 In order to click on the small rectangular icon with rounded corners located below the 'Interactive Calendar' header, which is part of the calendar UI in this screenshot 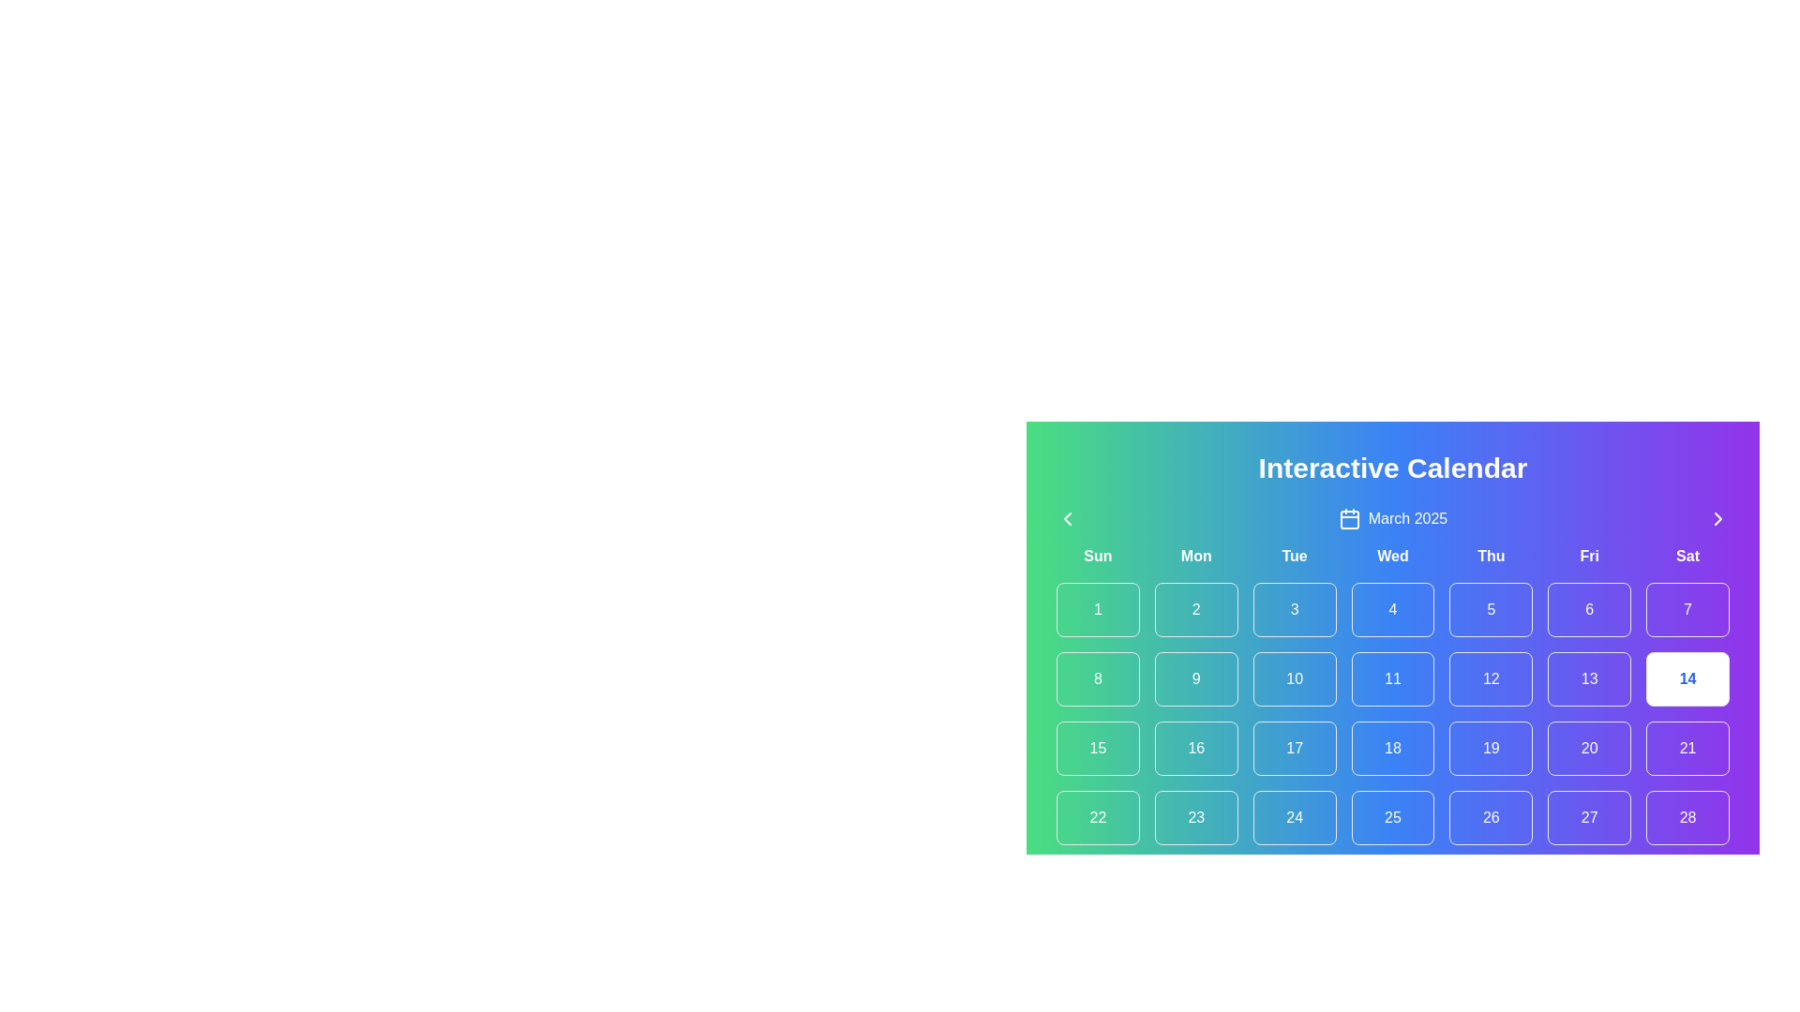, I will do `click(1348, 520)`.